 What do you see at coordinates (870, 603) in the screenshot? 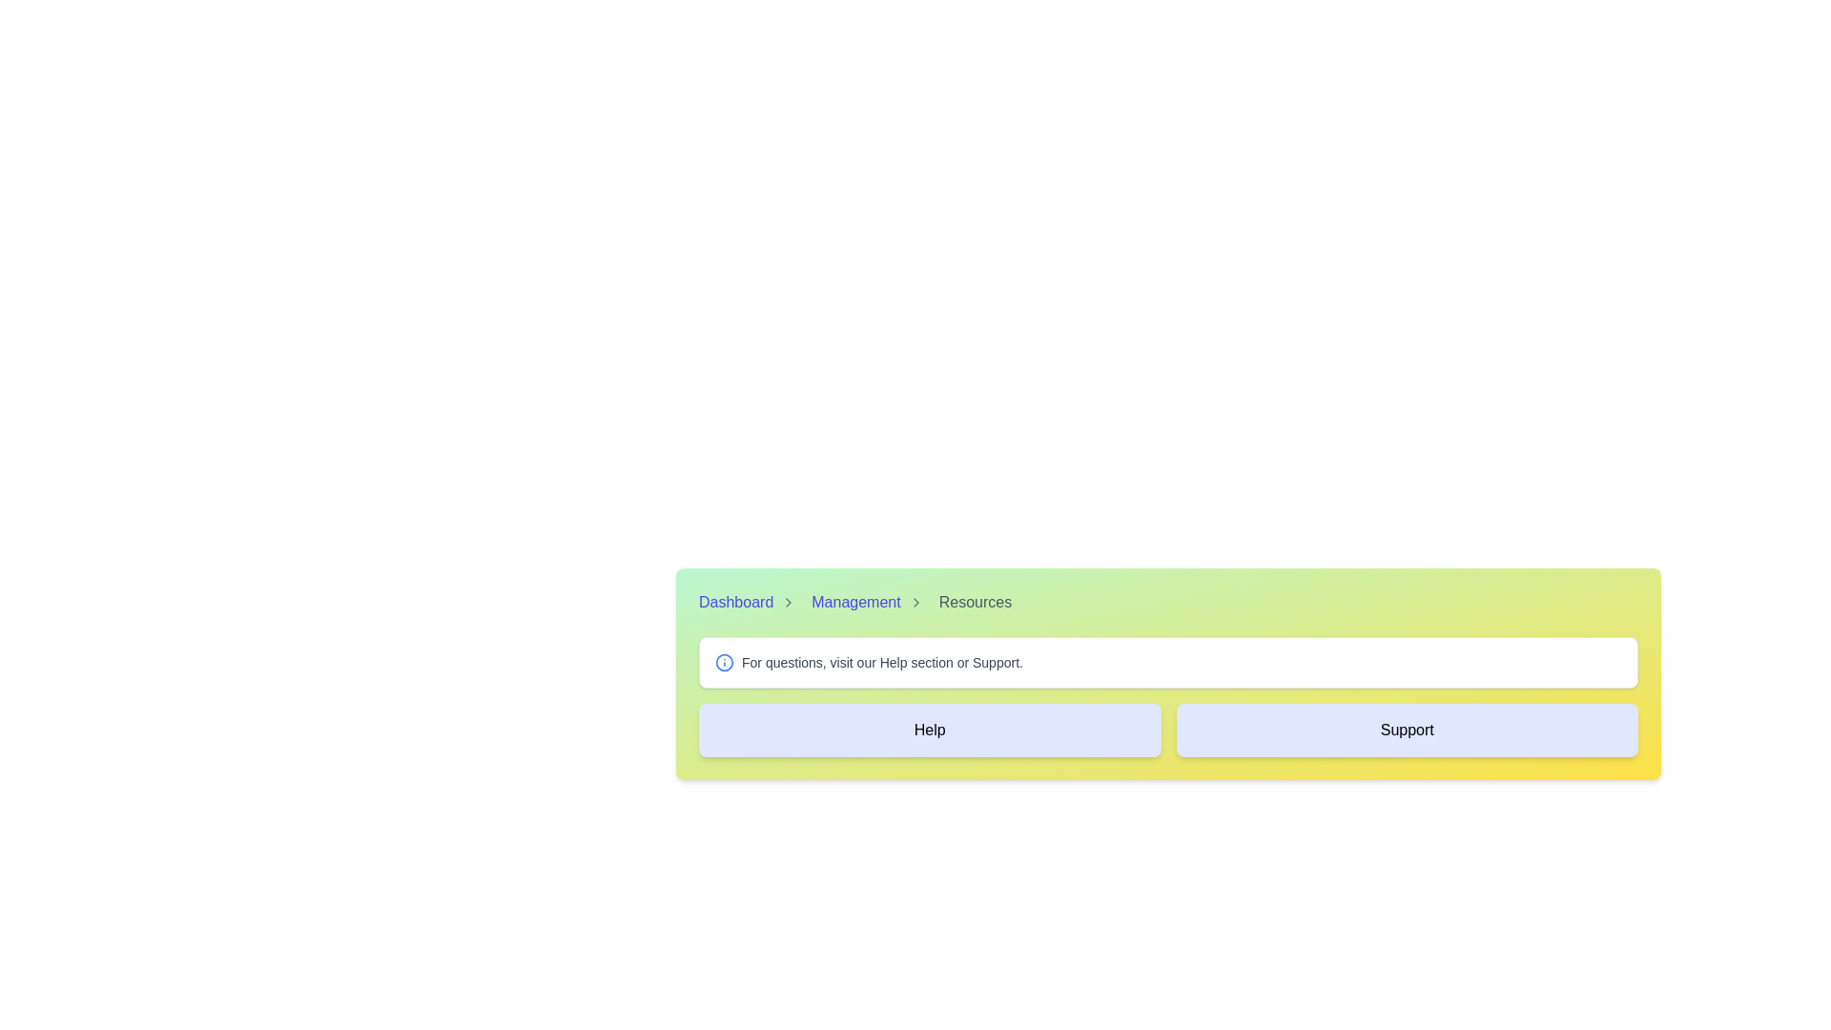
I see `the hyperlink labeled 'Management' with a right-pointing chevron icon in the breadcrumb navigation` at bounding box center [870, 603].